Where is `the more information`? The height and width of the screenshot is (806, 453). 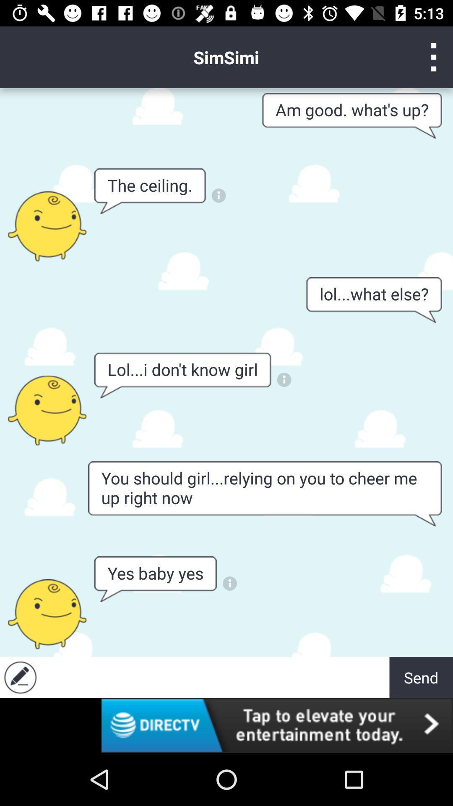
the more information is located at coordinates (218, 195).